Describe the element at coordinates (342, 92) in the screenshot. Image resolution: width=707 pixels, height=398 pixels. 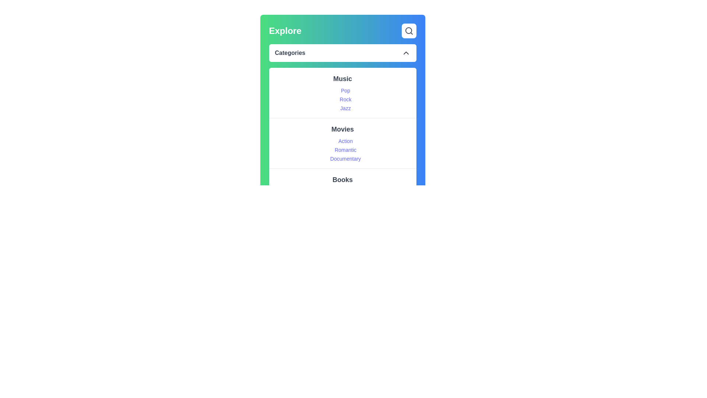
I see `keyboard navigation` at that location.